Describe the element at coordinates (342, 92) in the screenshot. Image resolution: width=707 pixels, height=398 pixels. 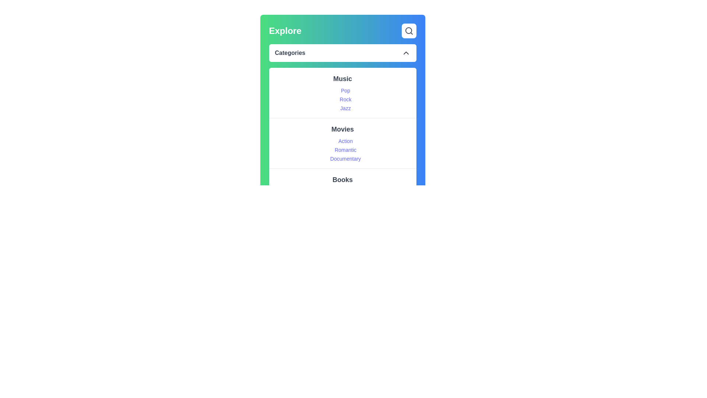
I see `keyboard navigation` at that location.